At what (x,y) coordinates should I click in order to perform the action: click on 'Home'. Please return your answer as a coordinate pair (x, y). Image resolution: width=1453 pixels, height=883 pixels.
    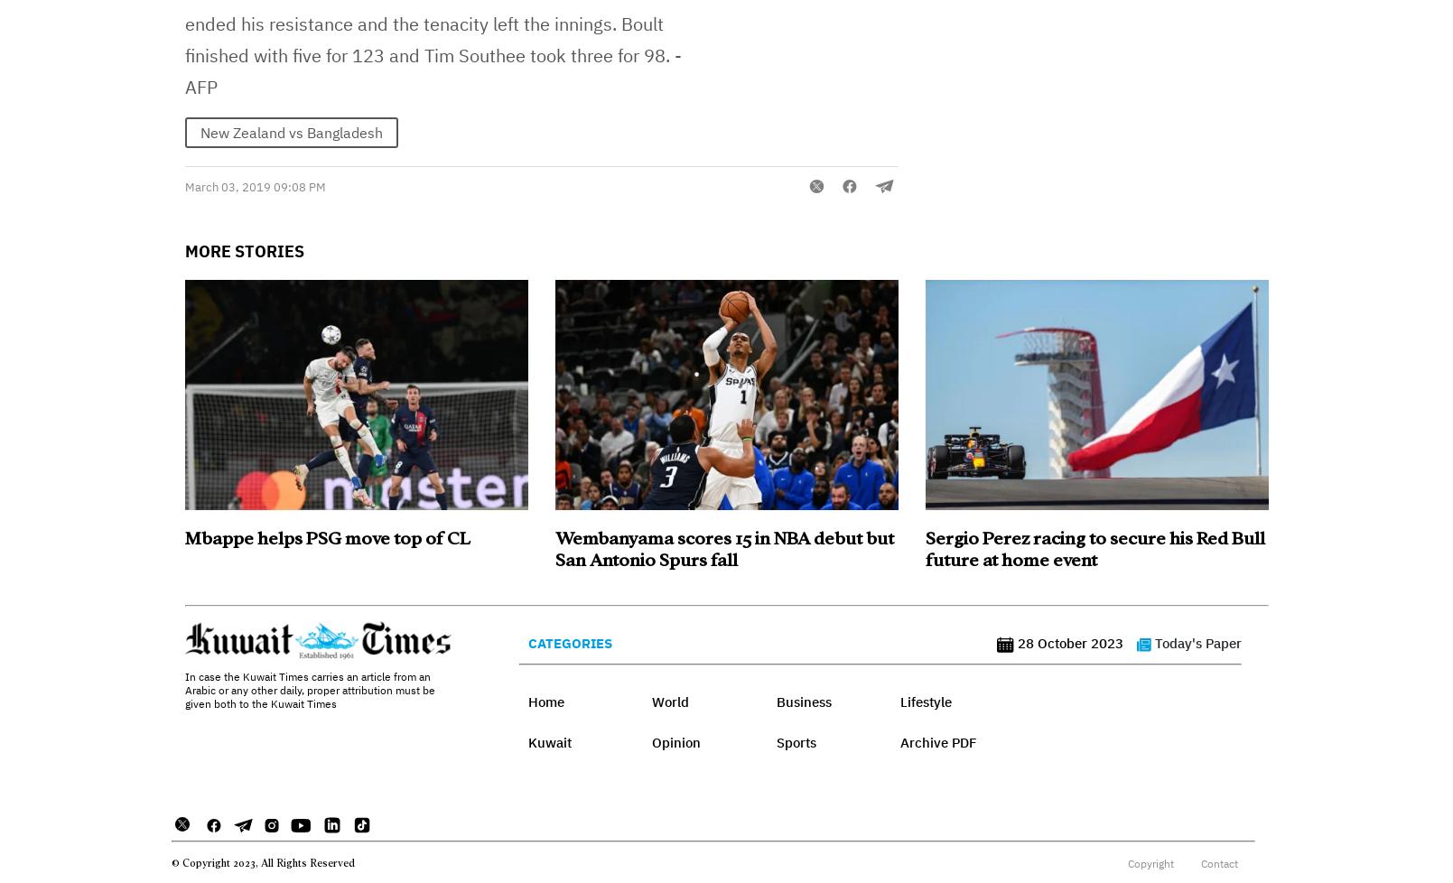
    Looking at the image, I should click on (545, 701).